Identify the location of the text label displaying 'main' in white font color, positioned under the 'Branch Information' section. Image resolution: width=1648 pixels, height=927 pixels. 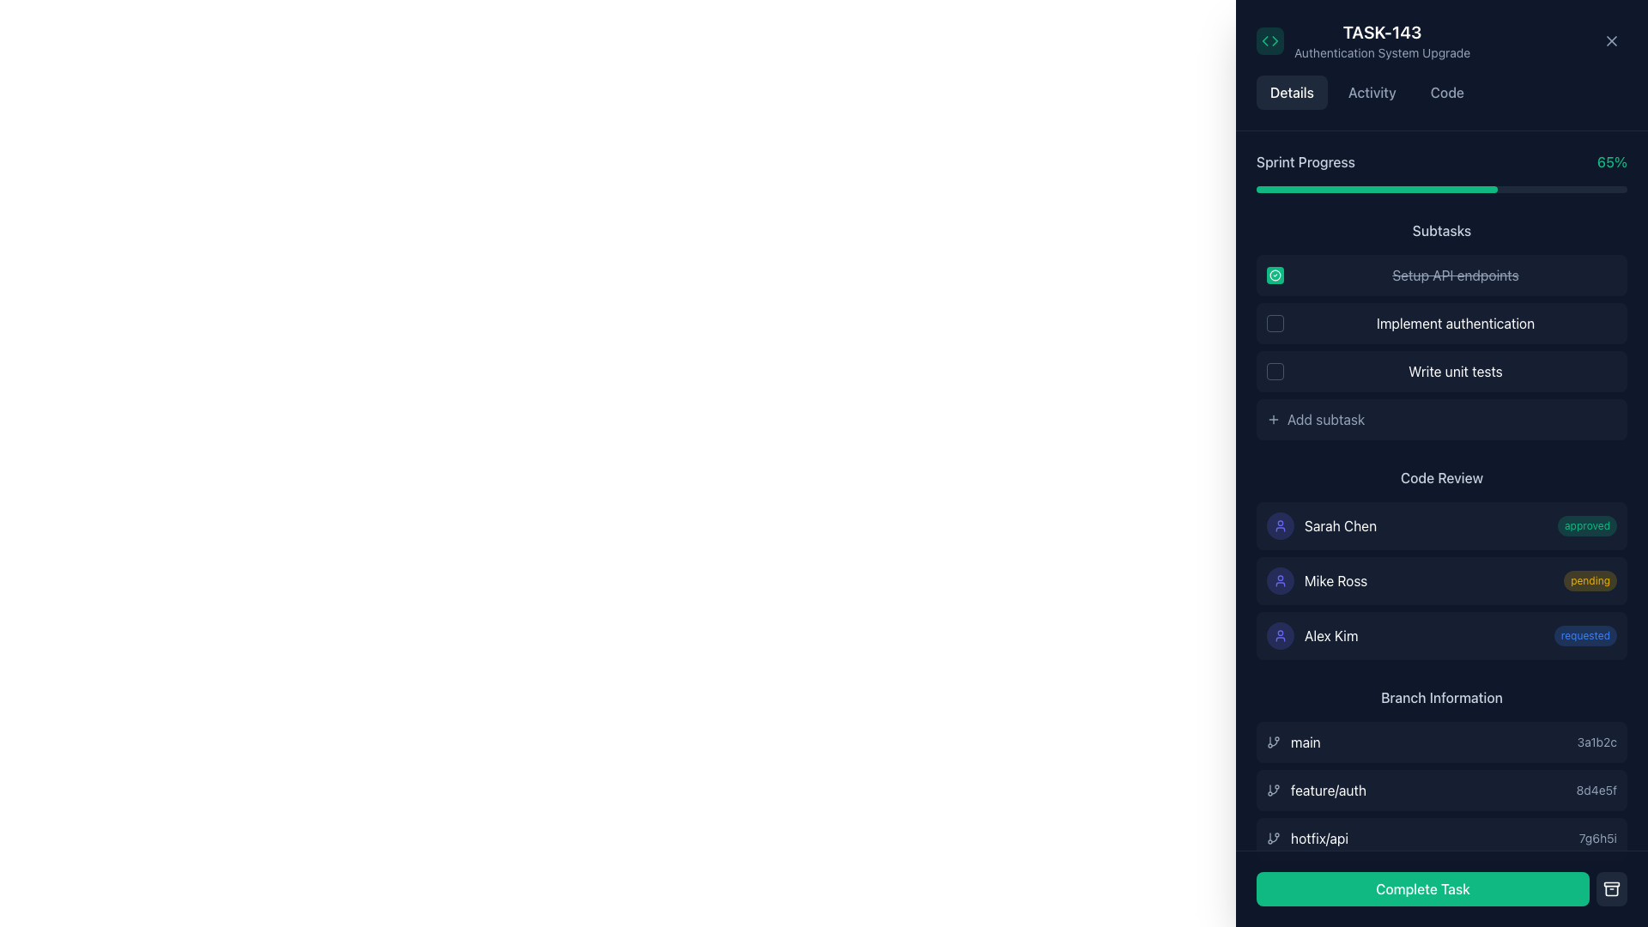
(1305, 741).